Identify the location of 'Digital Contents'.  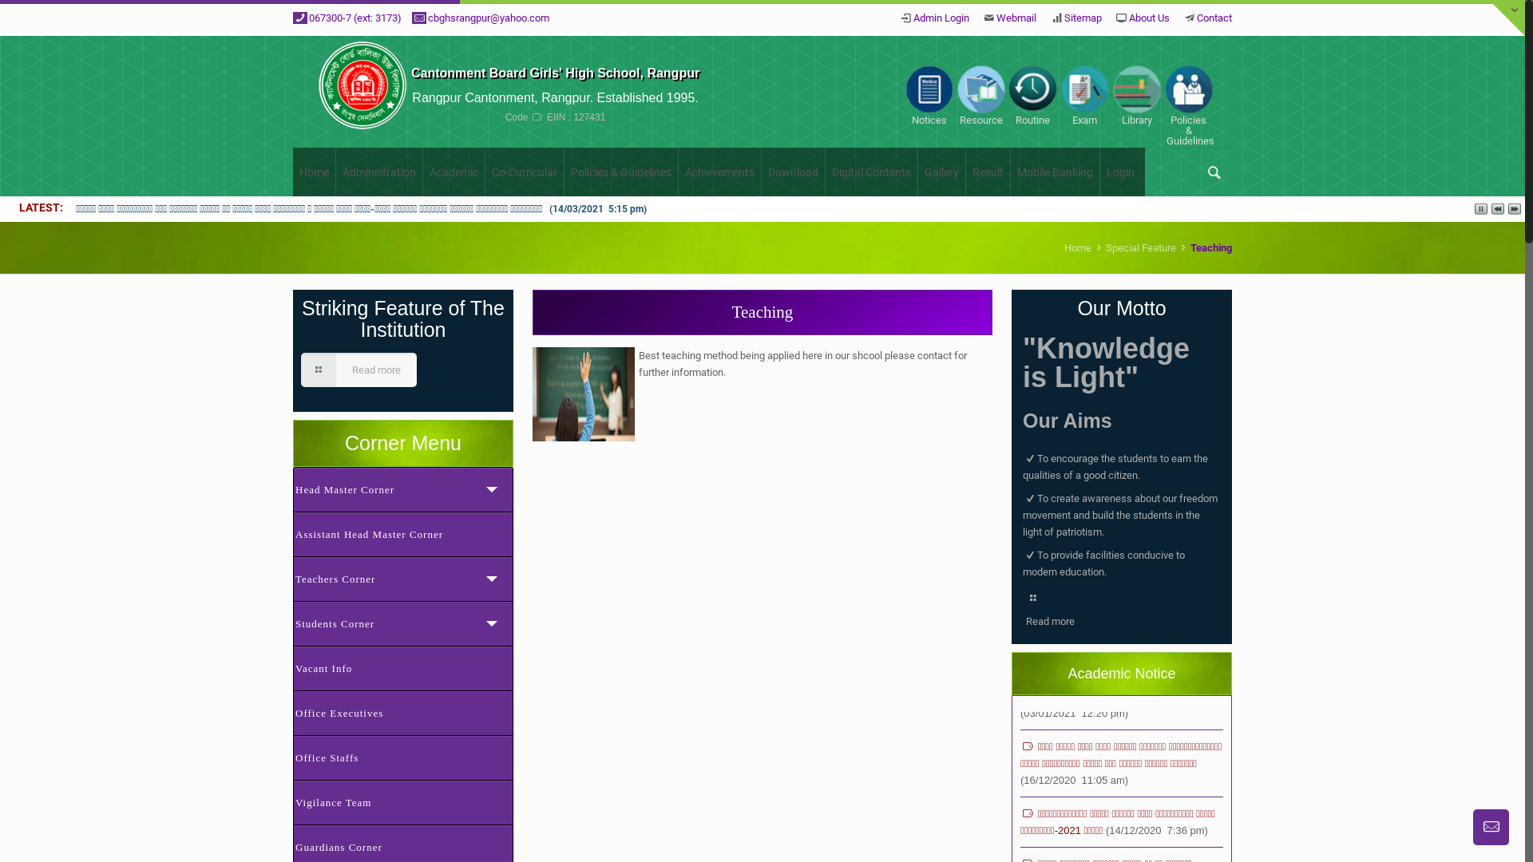
(871, 172).